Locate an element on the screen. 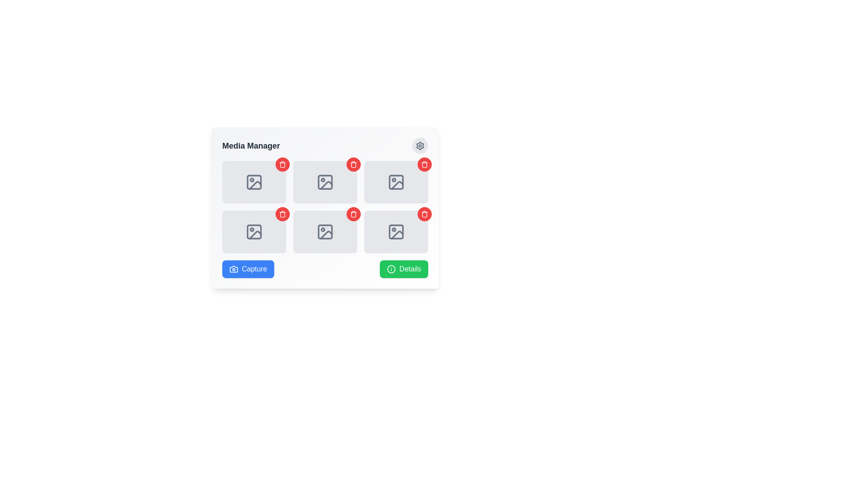 The height and width of the screenshot is (479, 852). the delete button located at the top-right corner of the gray rectangular image placeholder in the Media Manager interface is located at coordinates (424, 164).